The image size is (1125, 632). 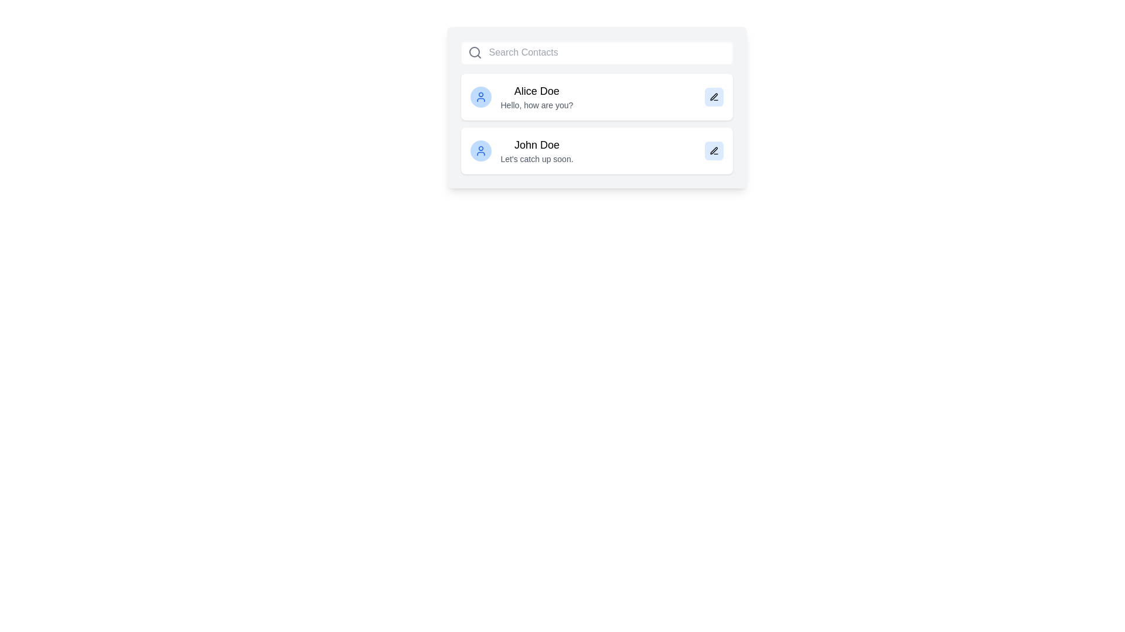 What do you see at coordinates (536, 144) in the screenshot?
I see `the contact name John Doe to select it` at bounding box center [536, 144].